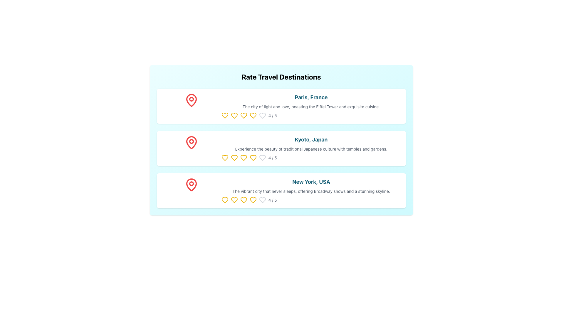  What do you see at coordinates (191, 100) in the screenshot?
I see `the location pin icon with a red border, which is the first in a vertical list of travel destination pins, located to the left of the text blocks` at bounding box center [191, 100].